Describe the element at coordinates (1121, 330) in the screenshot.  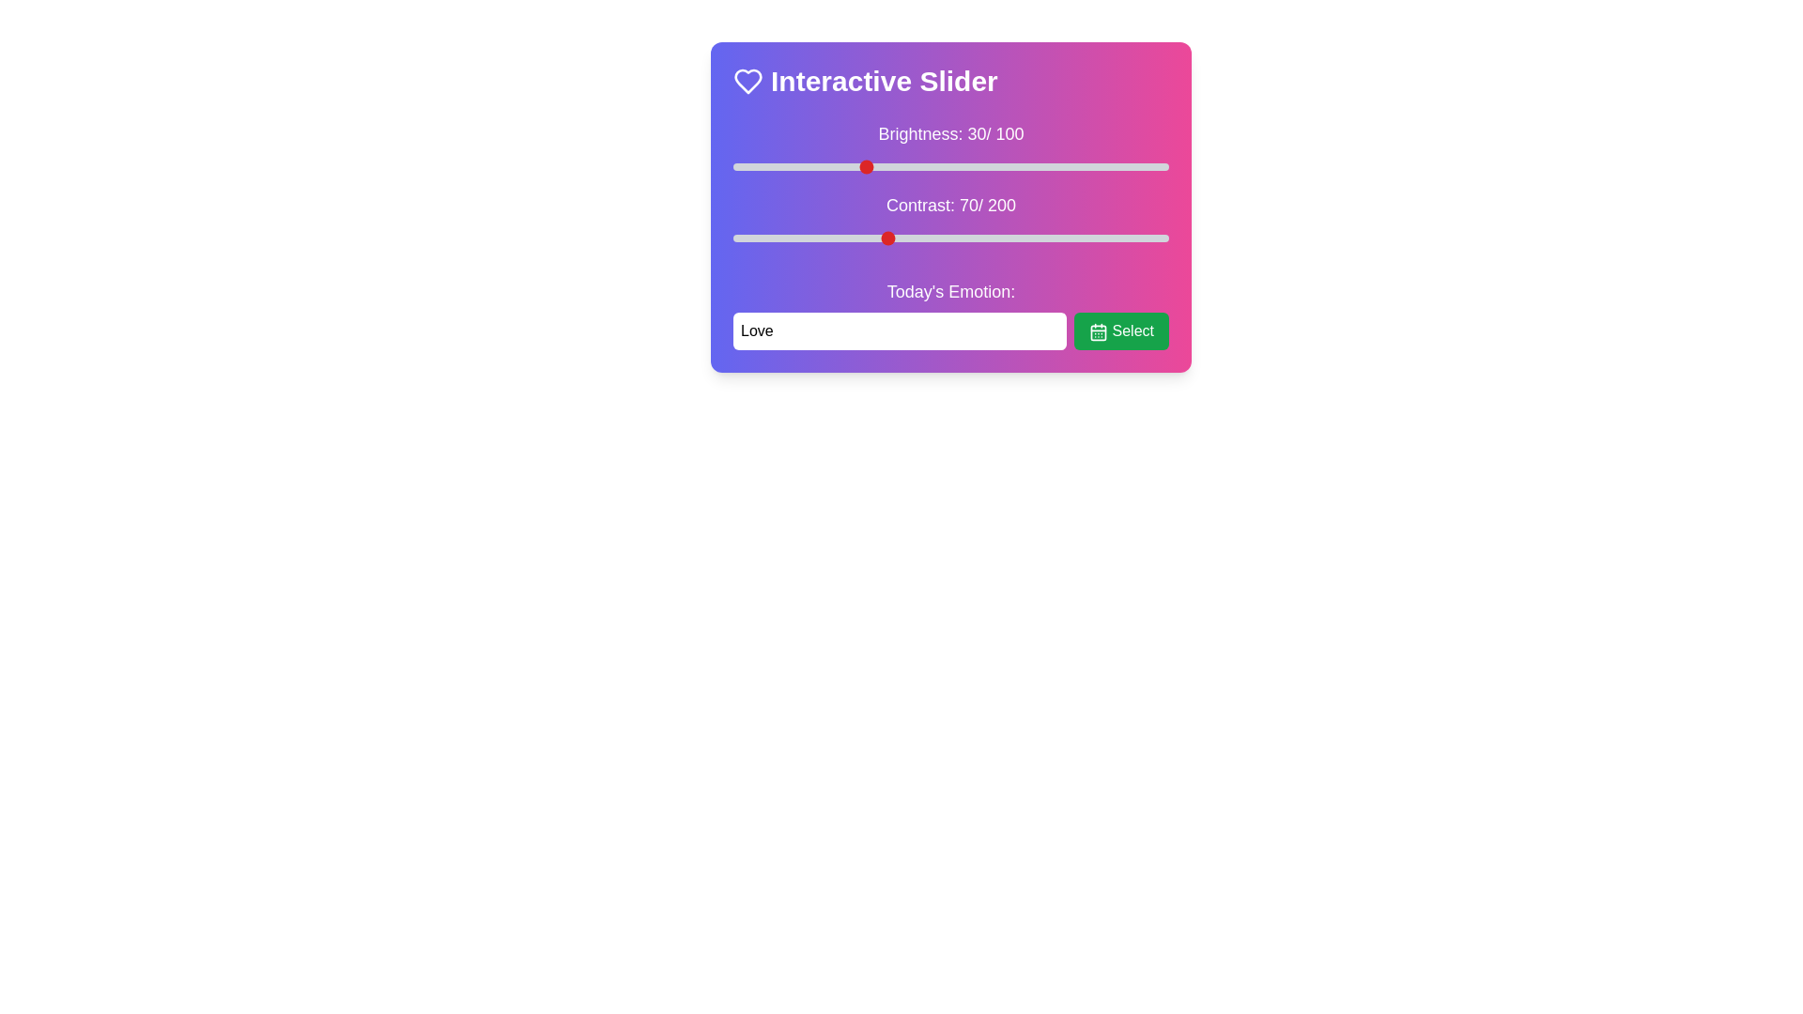
I see `the 'Select' button to confirm the emotion input` at that location.